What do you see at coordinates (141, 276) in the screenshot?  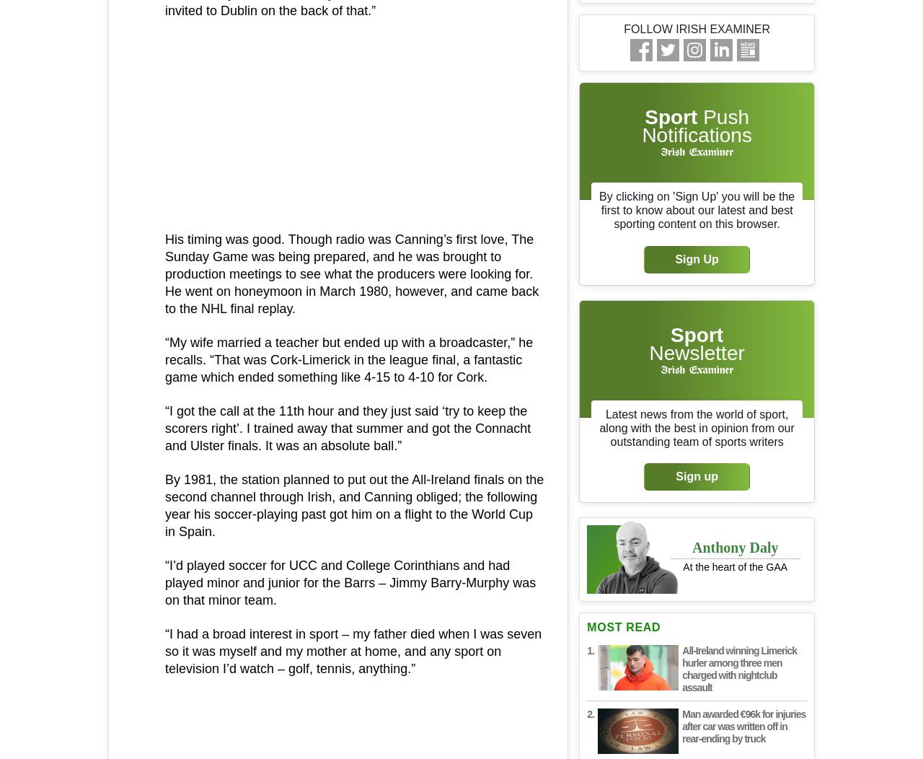 I see `'Harry’s High Court claim against Mail publisher can continue, UK judge rules'` at bounding box center [141, 276].